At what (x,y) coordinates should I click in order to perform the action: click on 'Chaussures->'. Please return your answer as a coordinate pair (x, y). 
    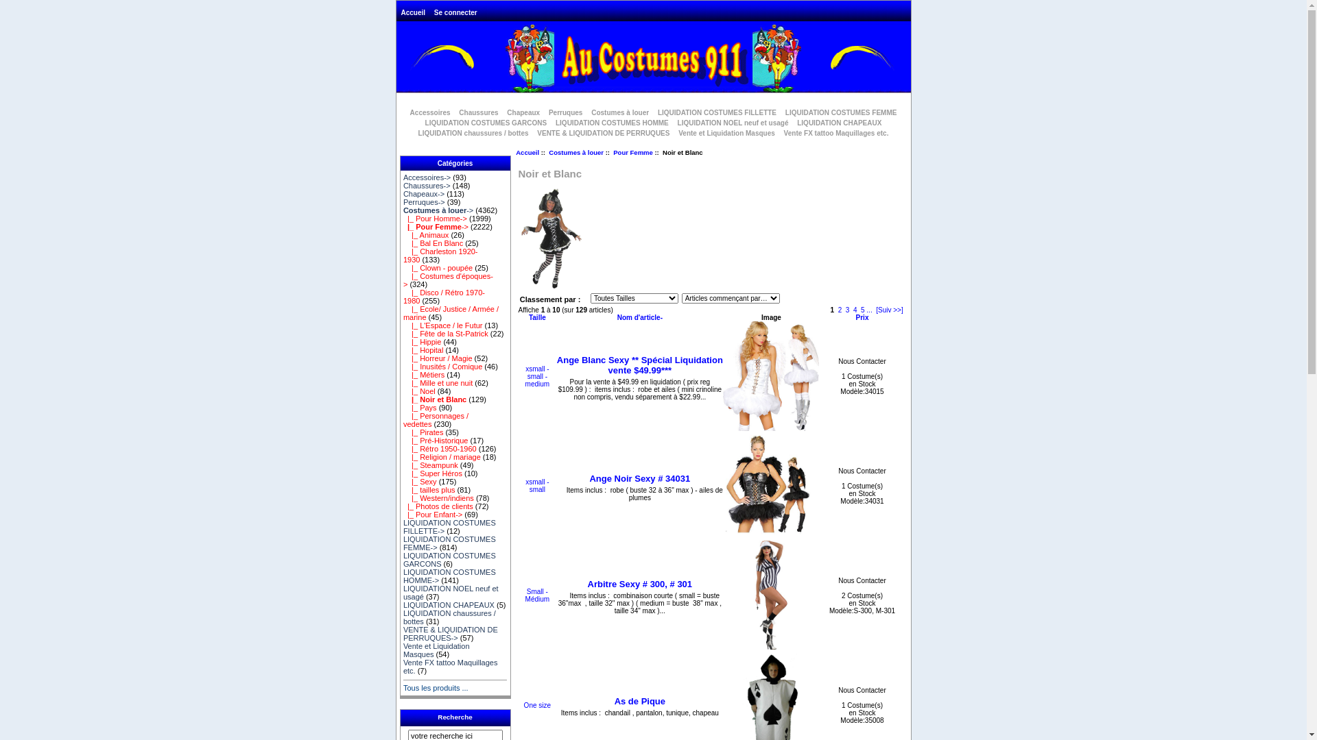
    Looking at the image, I should click on (426, 185).